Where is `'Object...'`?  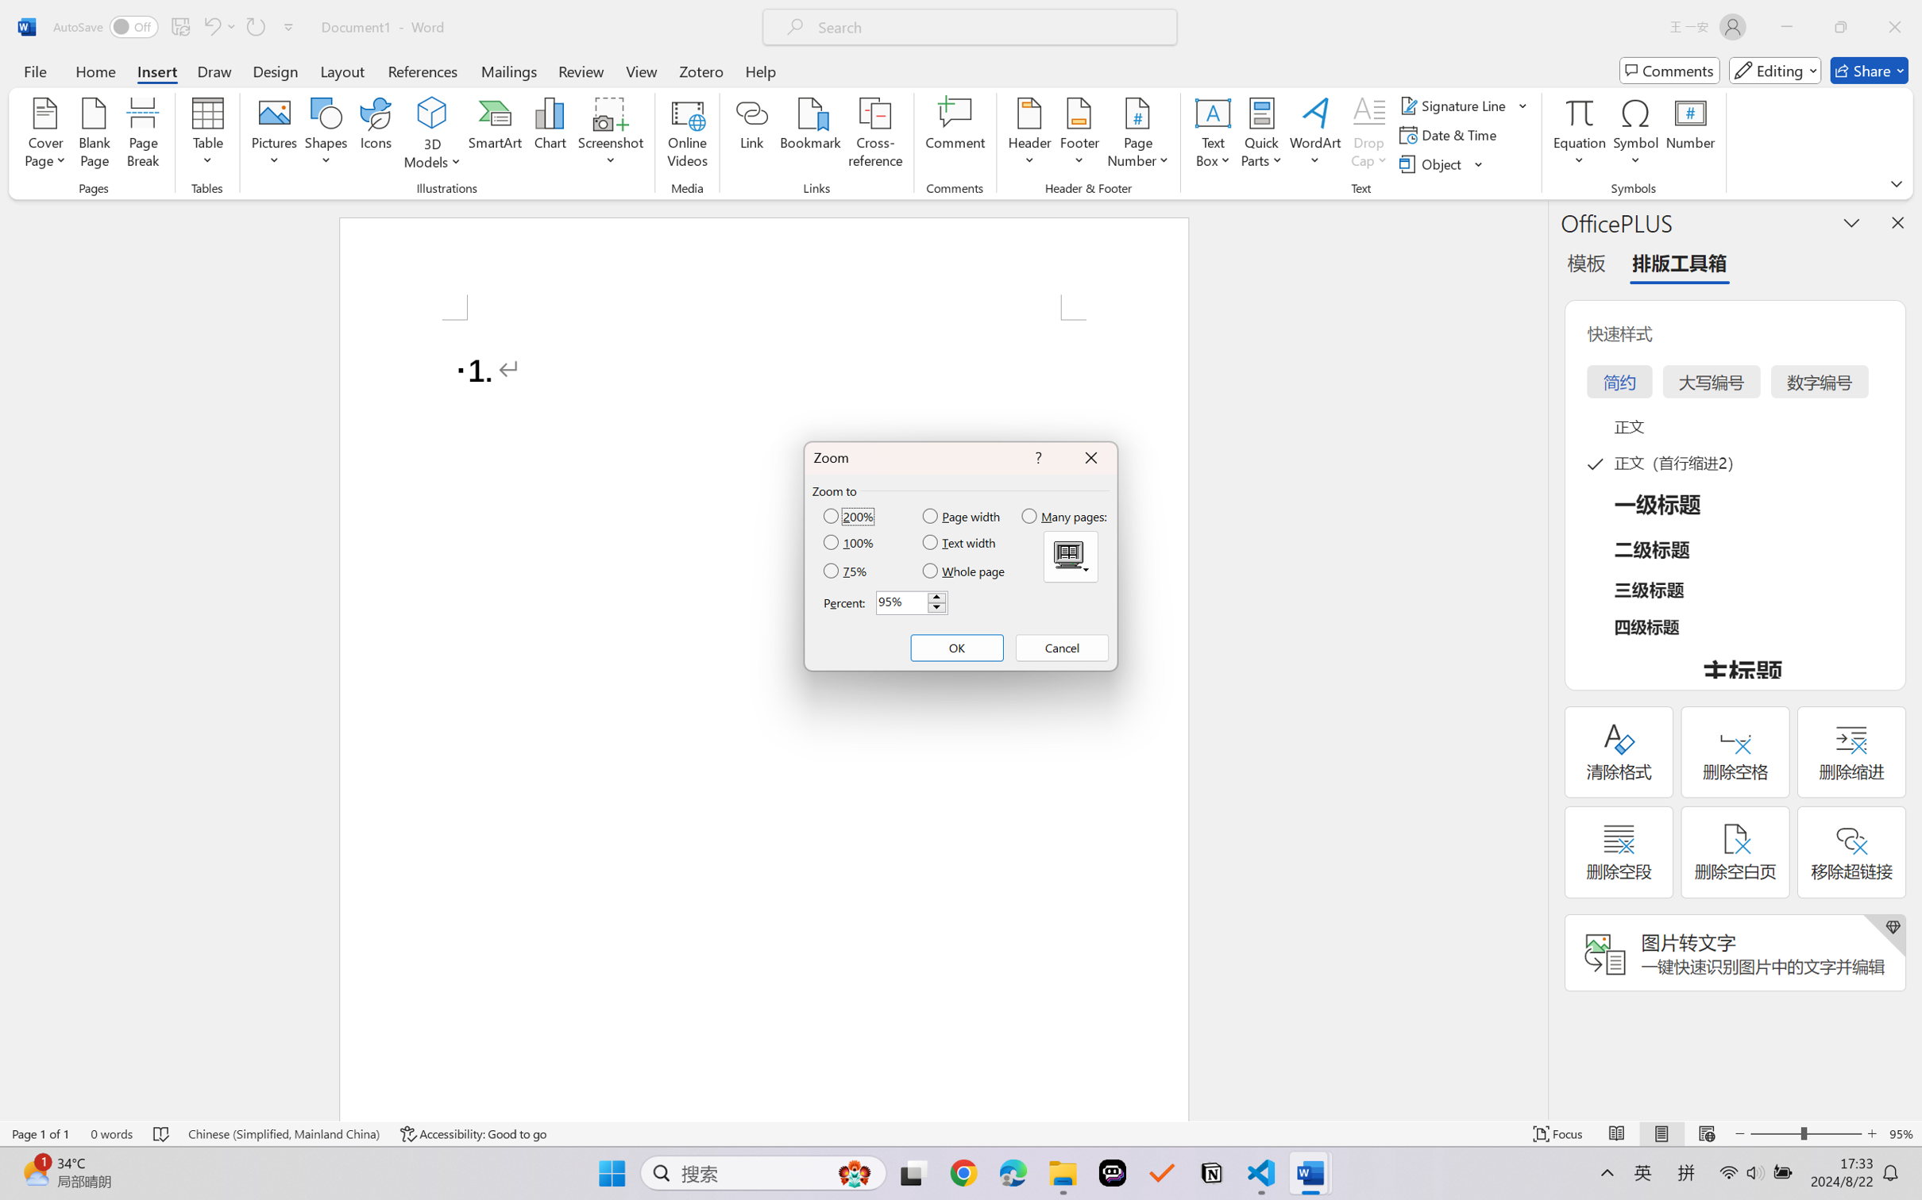 'Object...' is located at coordinates (1441, 164).